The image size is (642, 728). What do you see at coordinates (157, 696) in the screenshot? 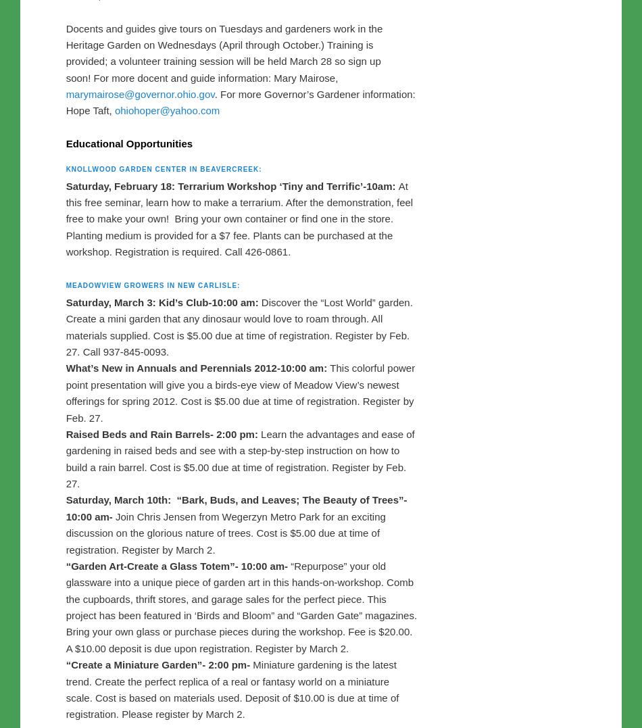
I see `'“Create a Miniature Garden”- 2:00 pm-'` at bounding box center [157, 696].